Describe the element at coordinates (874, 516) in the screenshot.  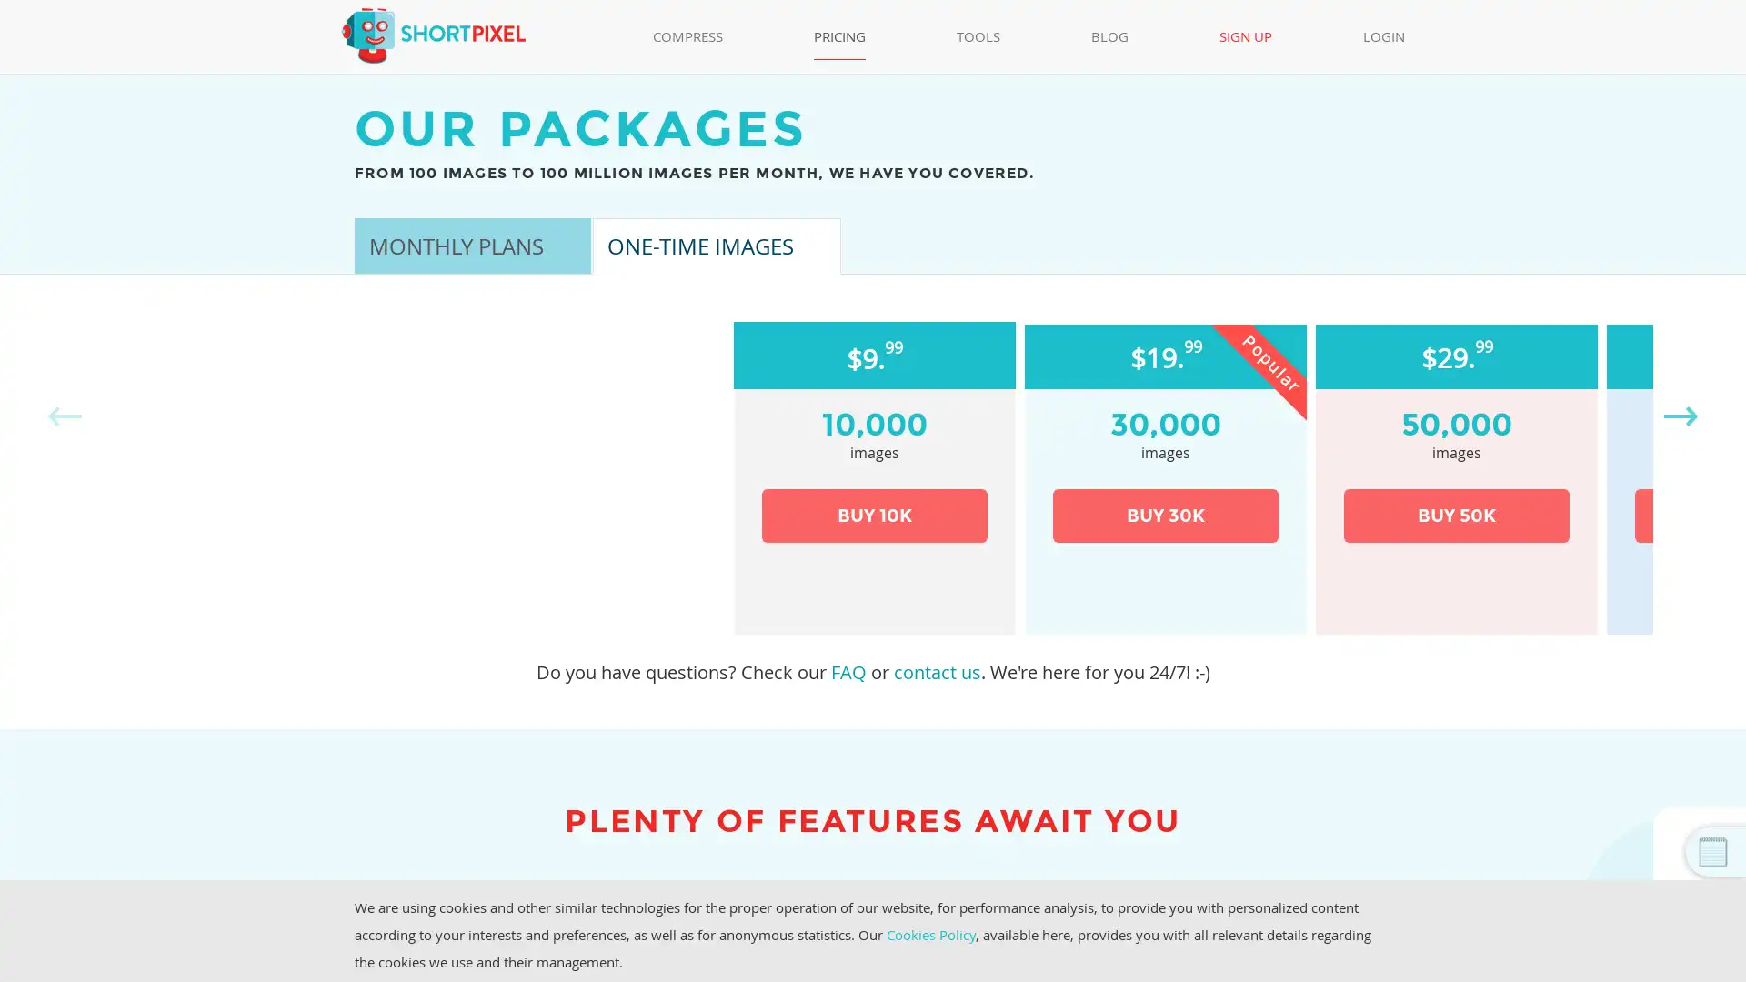
I see `BUY 10K` at that location.